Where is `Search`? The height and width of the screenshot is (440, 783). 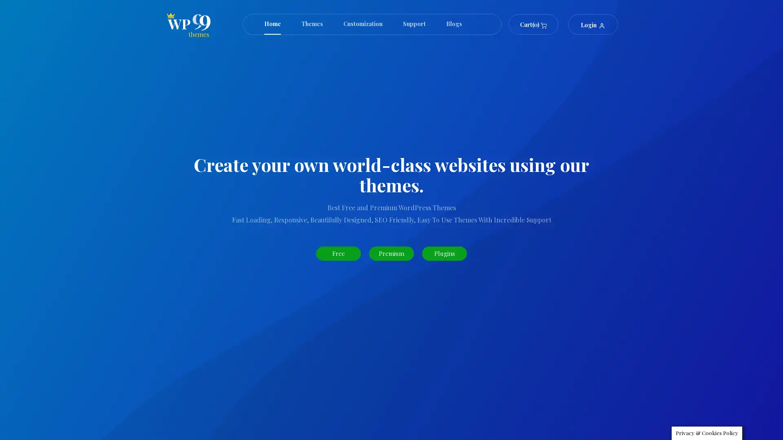 Search is located at coordinates (528, 287).